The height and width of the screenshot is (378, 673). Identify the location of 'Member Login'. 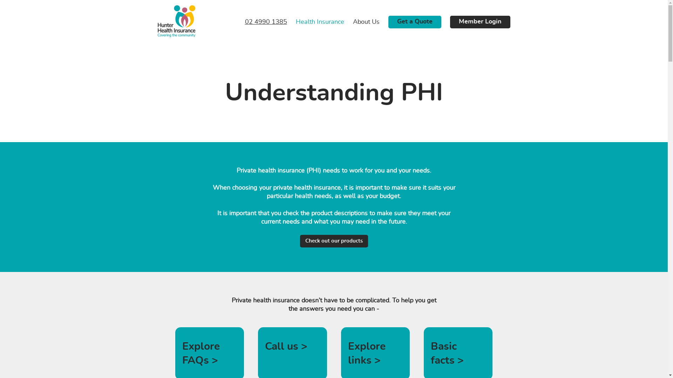
(480, 21).